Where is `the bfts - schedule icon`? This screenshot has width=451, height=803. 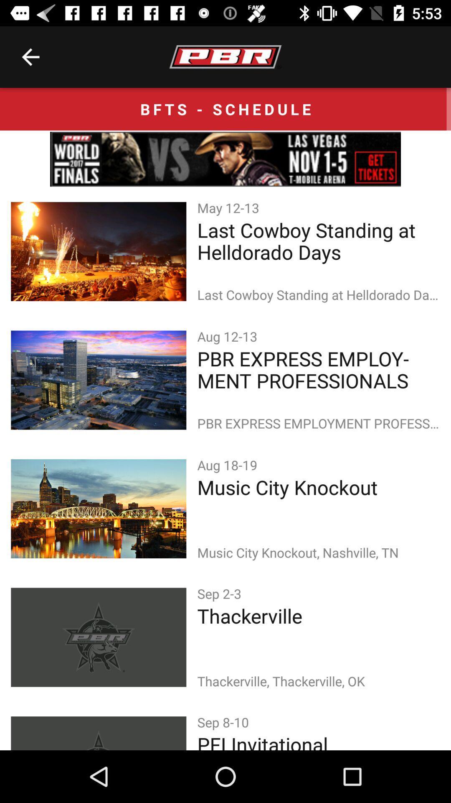 the bfts - schedule icon is located at coordinates (225, 108).